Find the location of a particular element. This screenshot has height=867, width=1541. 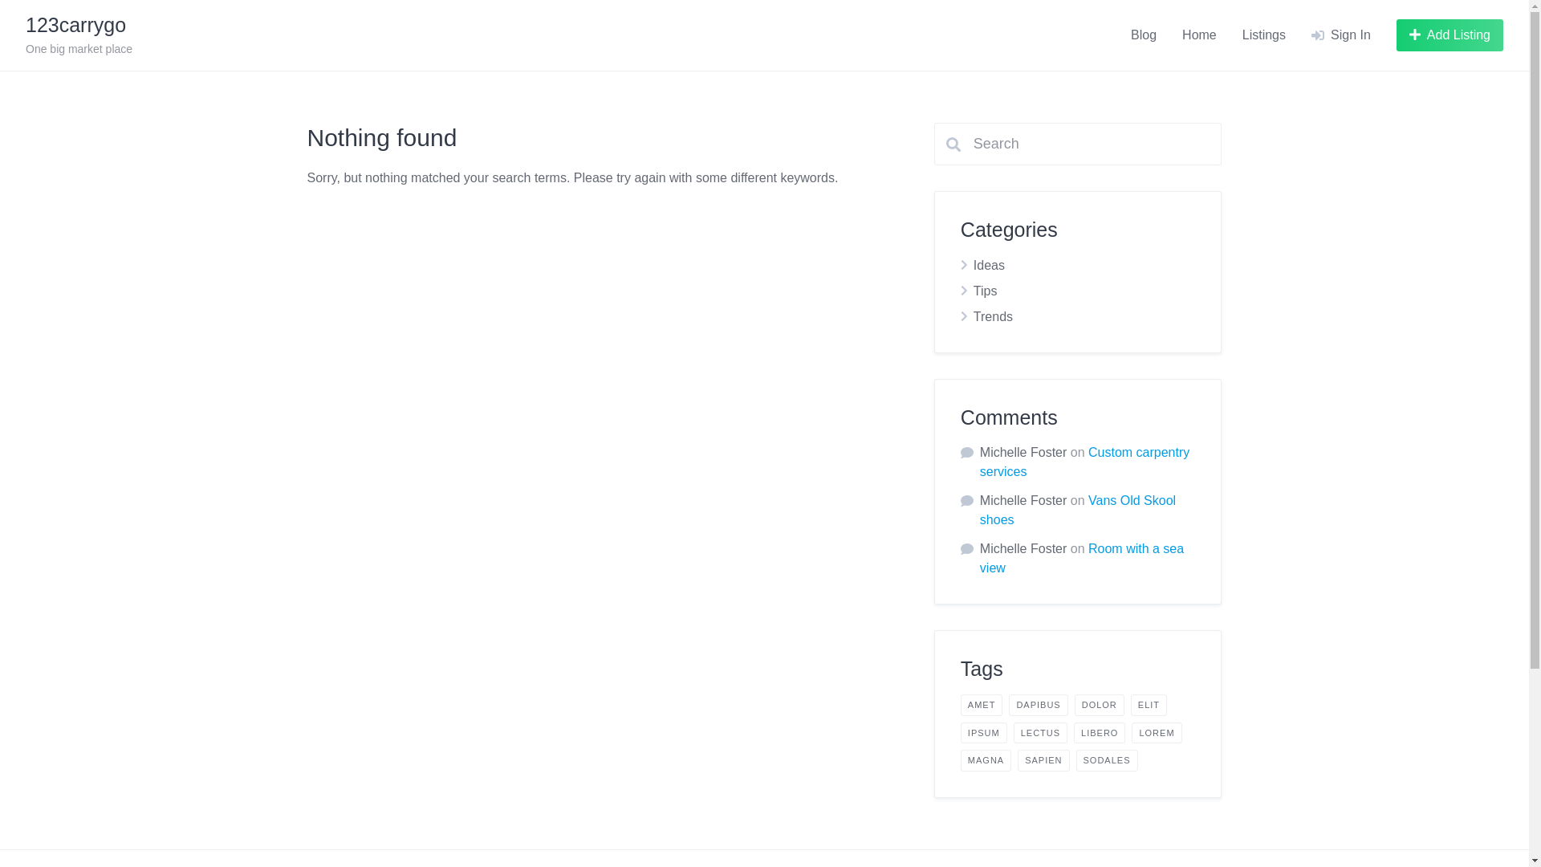

'Add Listing' is located at coordinates (1450, 35).